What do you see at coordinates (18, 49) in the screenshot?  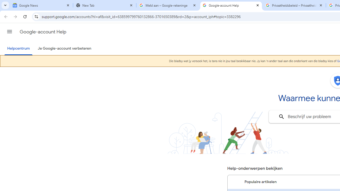 I see `'Helpcentrum'` at bounding box center [18, 49].